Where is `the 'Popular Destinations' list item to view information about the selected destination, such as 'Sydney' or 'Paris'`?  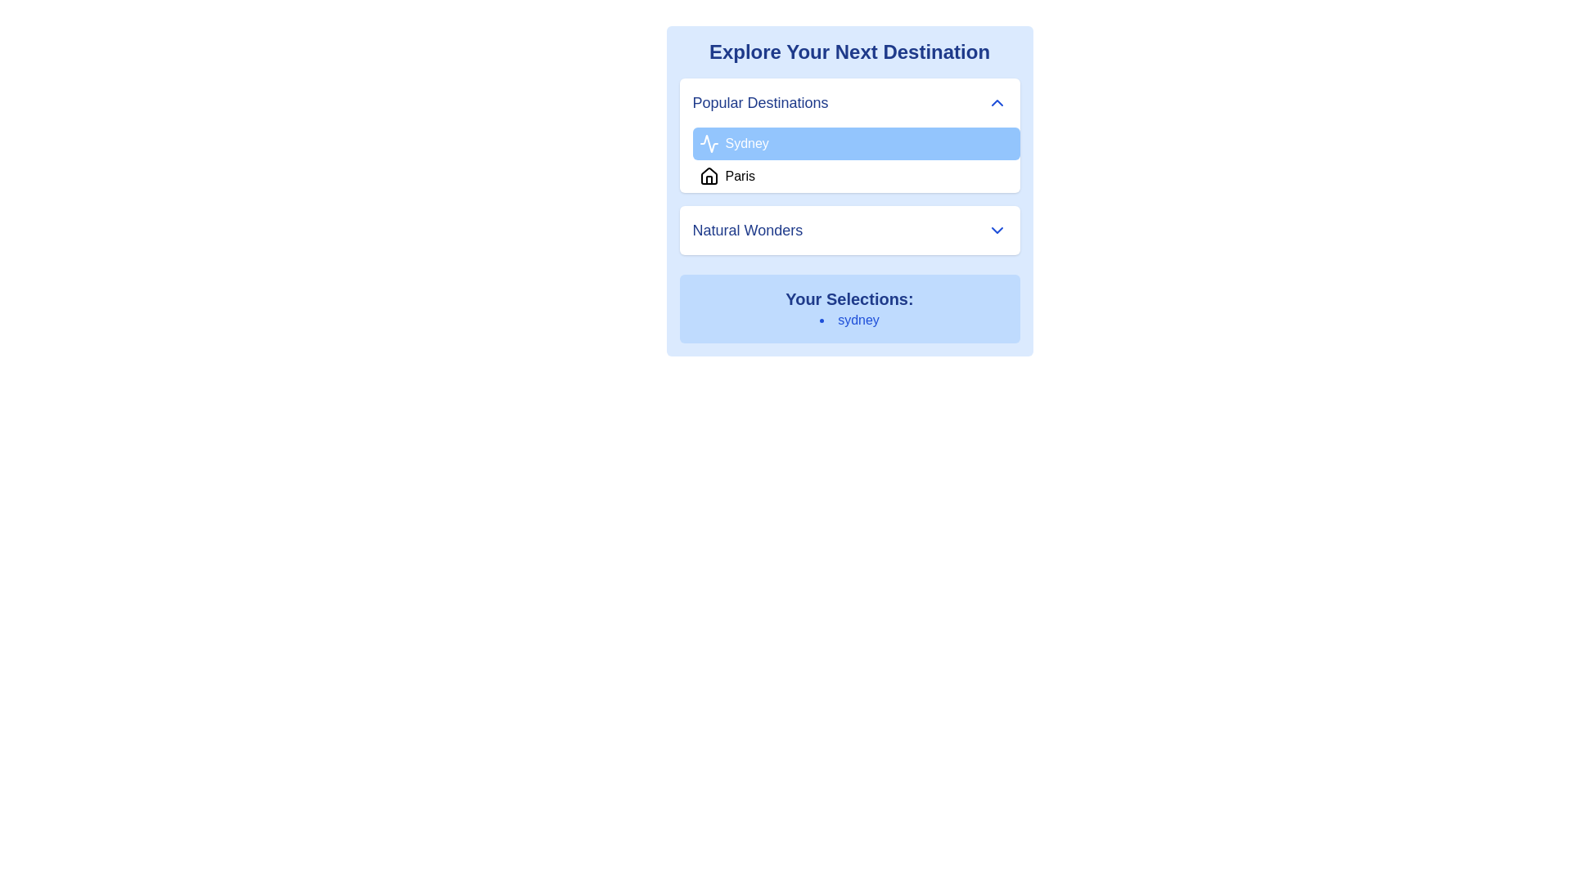
the 'Popular Destinations' list item to view information about the selected destination, such as 'Sydney' or 'Paris' is located at coordinates (849, 167).